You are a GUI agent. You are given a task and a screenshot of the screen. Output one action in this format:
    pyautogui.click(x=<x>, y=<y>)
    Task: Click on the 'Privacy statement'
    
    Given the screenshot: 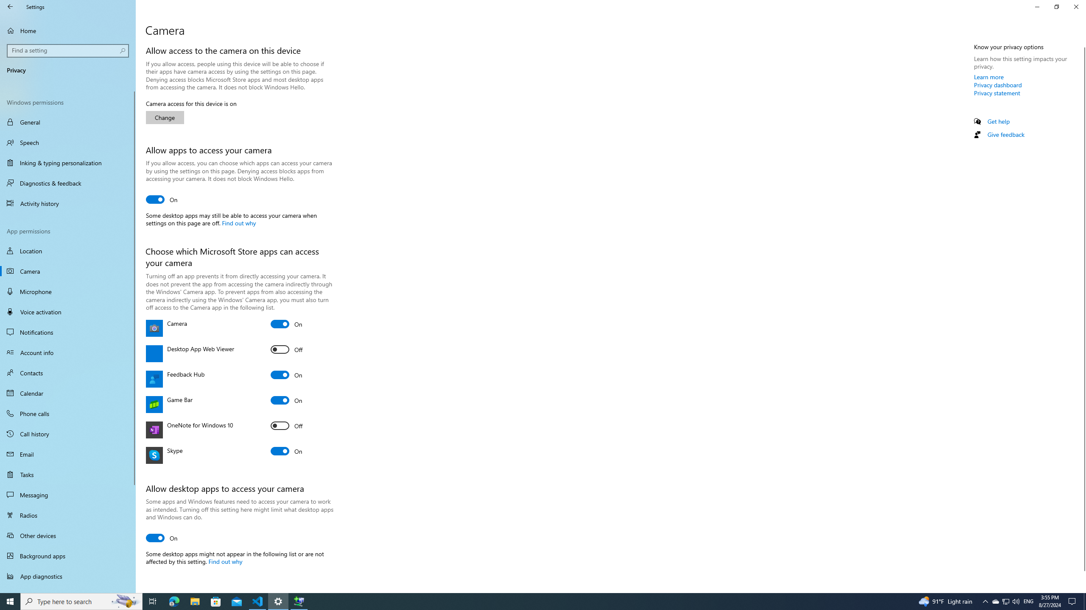 What is the action you would take?
    pyautogui.click(x=996, y=92)
    